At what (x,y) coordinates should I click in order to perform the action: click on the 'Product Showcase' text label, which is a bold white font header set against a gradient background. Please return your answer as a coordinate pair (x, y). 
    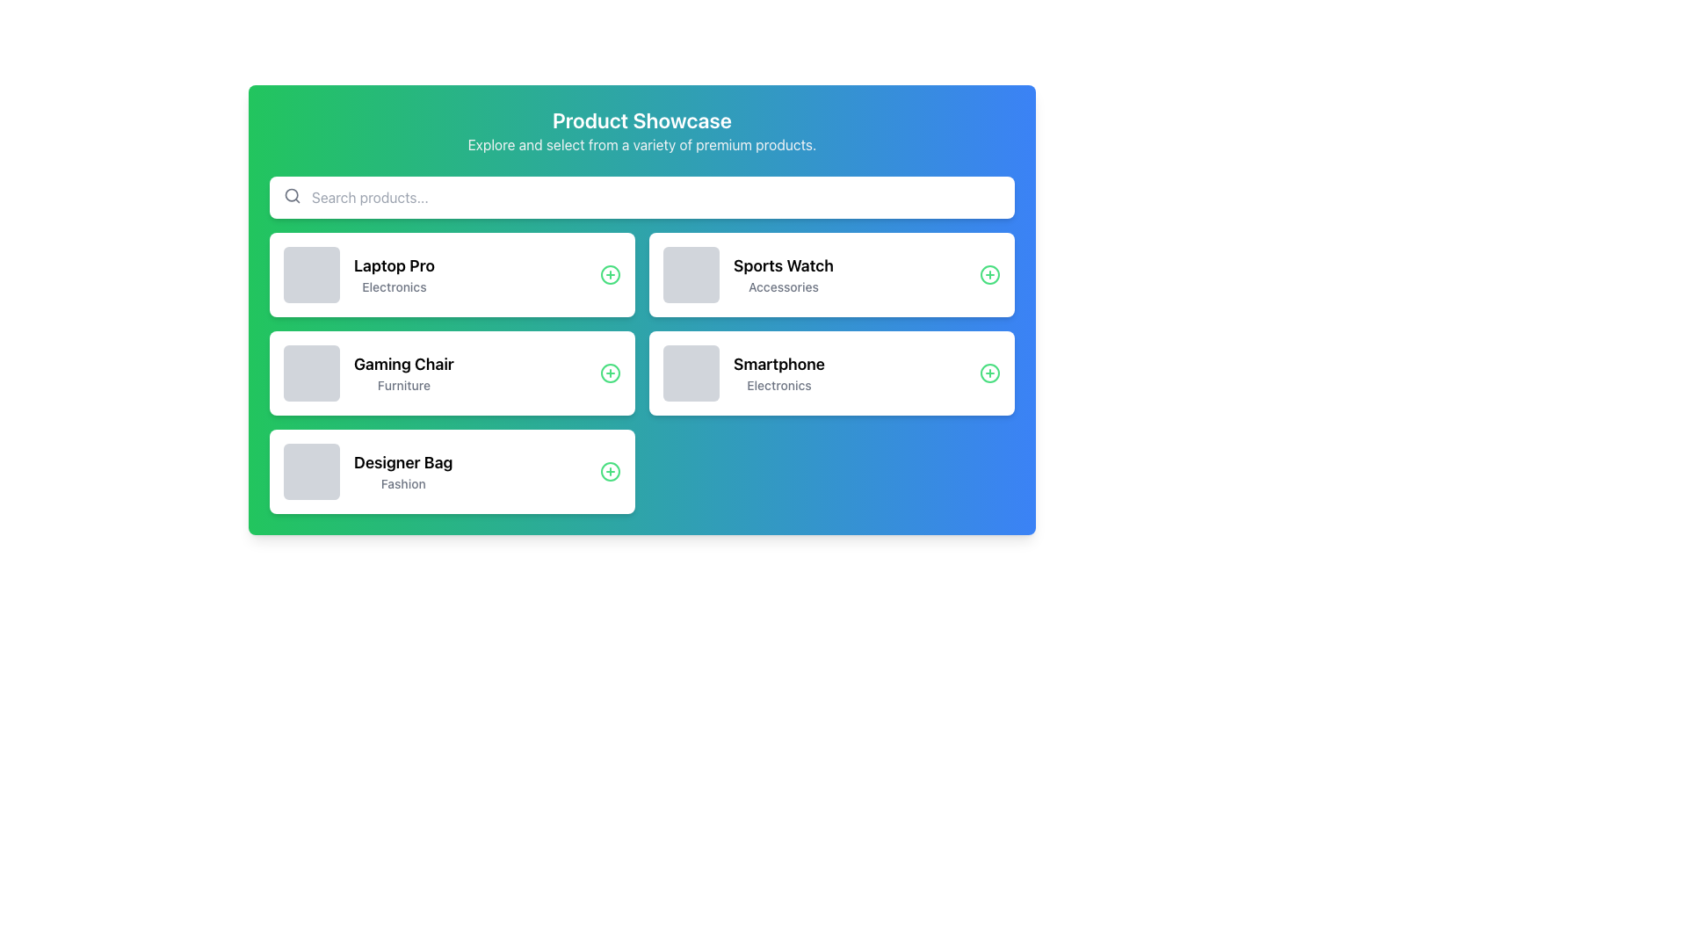
    Looking at the image, I should click on (641, 120).